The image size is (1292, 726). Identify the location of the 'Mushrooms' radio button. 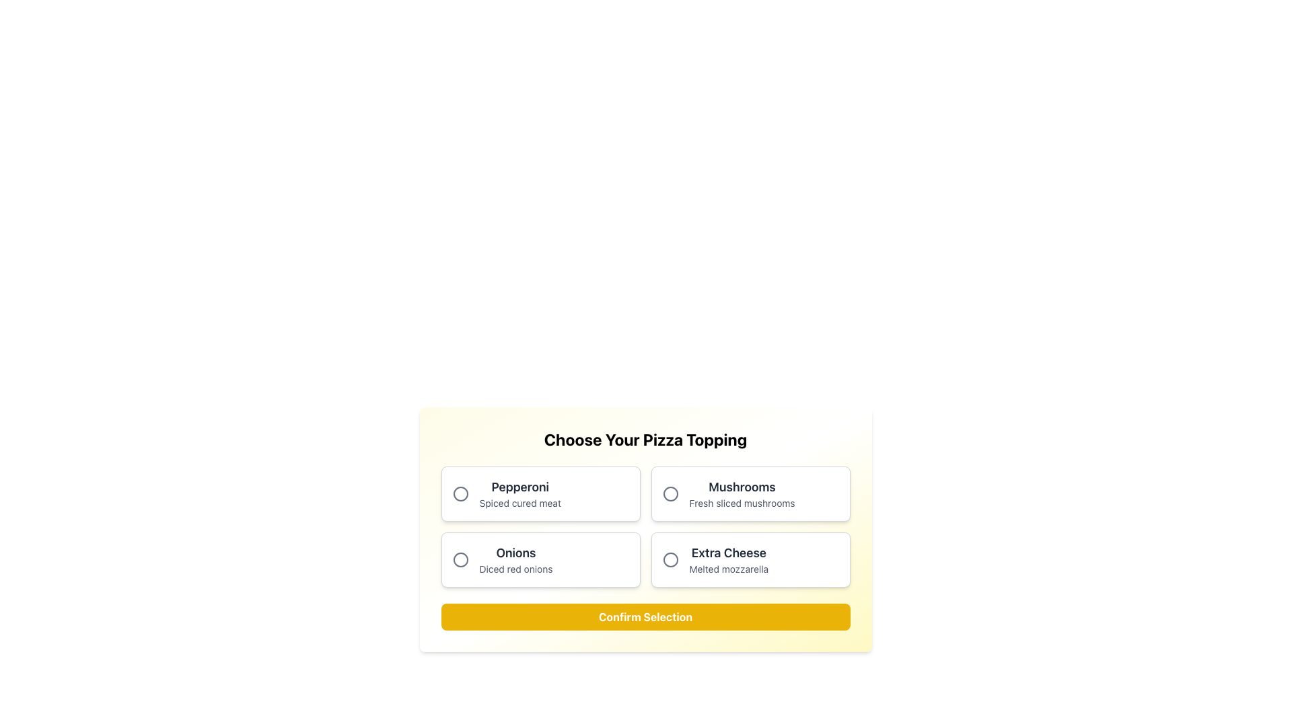
(670, 494).